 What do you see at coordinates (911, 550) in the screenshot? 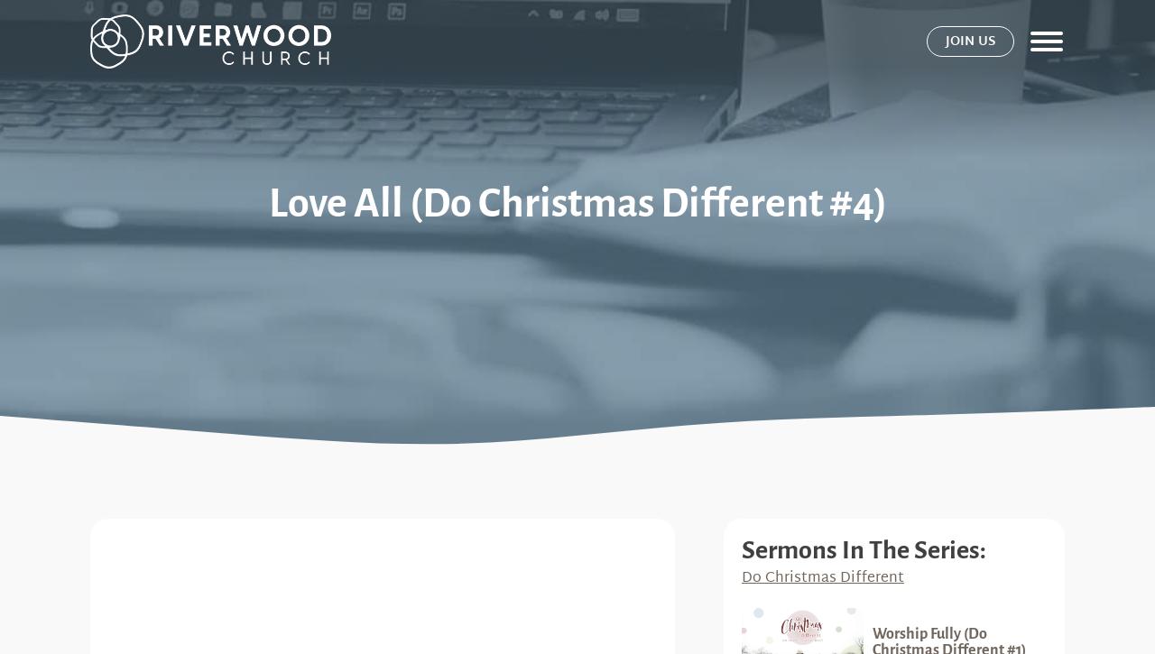
I see `'Annual Reports'` at bounding box center [911, 550].